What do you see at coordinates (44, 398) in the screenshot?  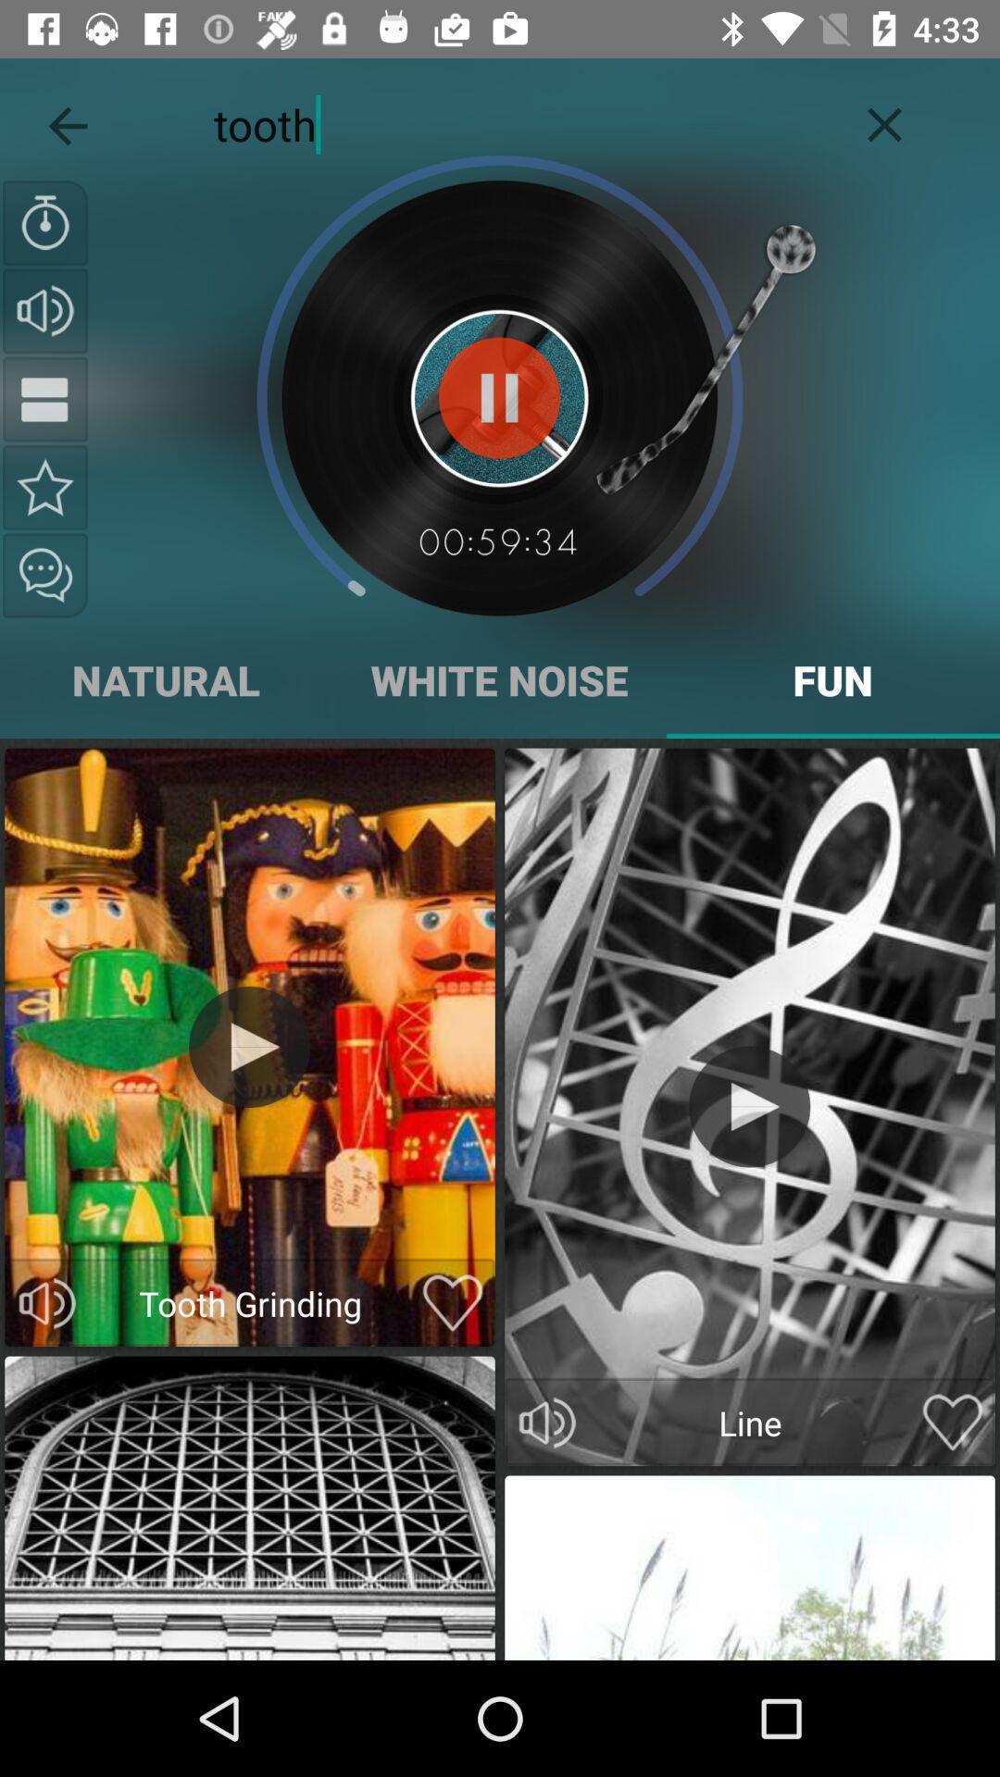 I see `pause` at bounding box center [44, 398].